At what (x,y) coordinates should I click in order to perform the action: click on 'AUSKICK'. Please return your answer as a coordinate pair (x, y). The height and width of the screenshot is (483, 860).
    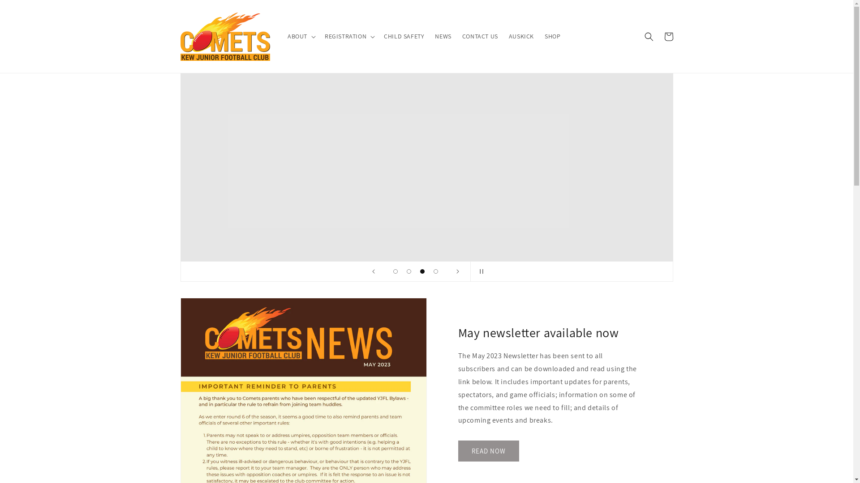
    Looking at the image, I should click on (521, 36).